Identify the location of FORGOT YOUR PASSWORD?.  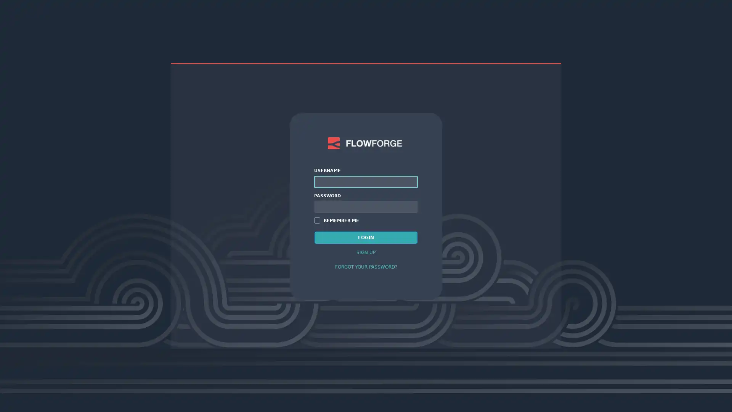
(366, 266).